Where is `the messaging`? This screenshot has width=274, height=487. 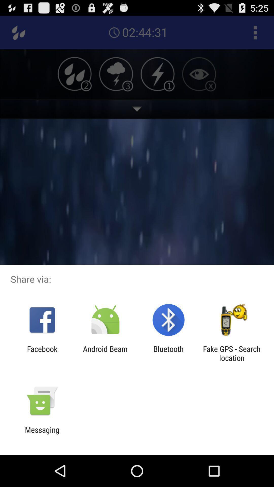
the messaging is located at coordinates (42, 434).